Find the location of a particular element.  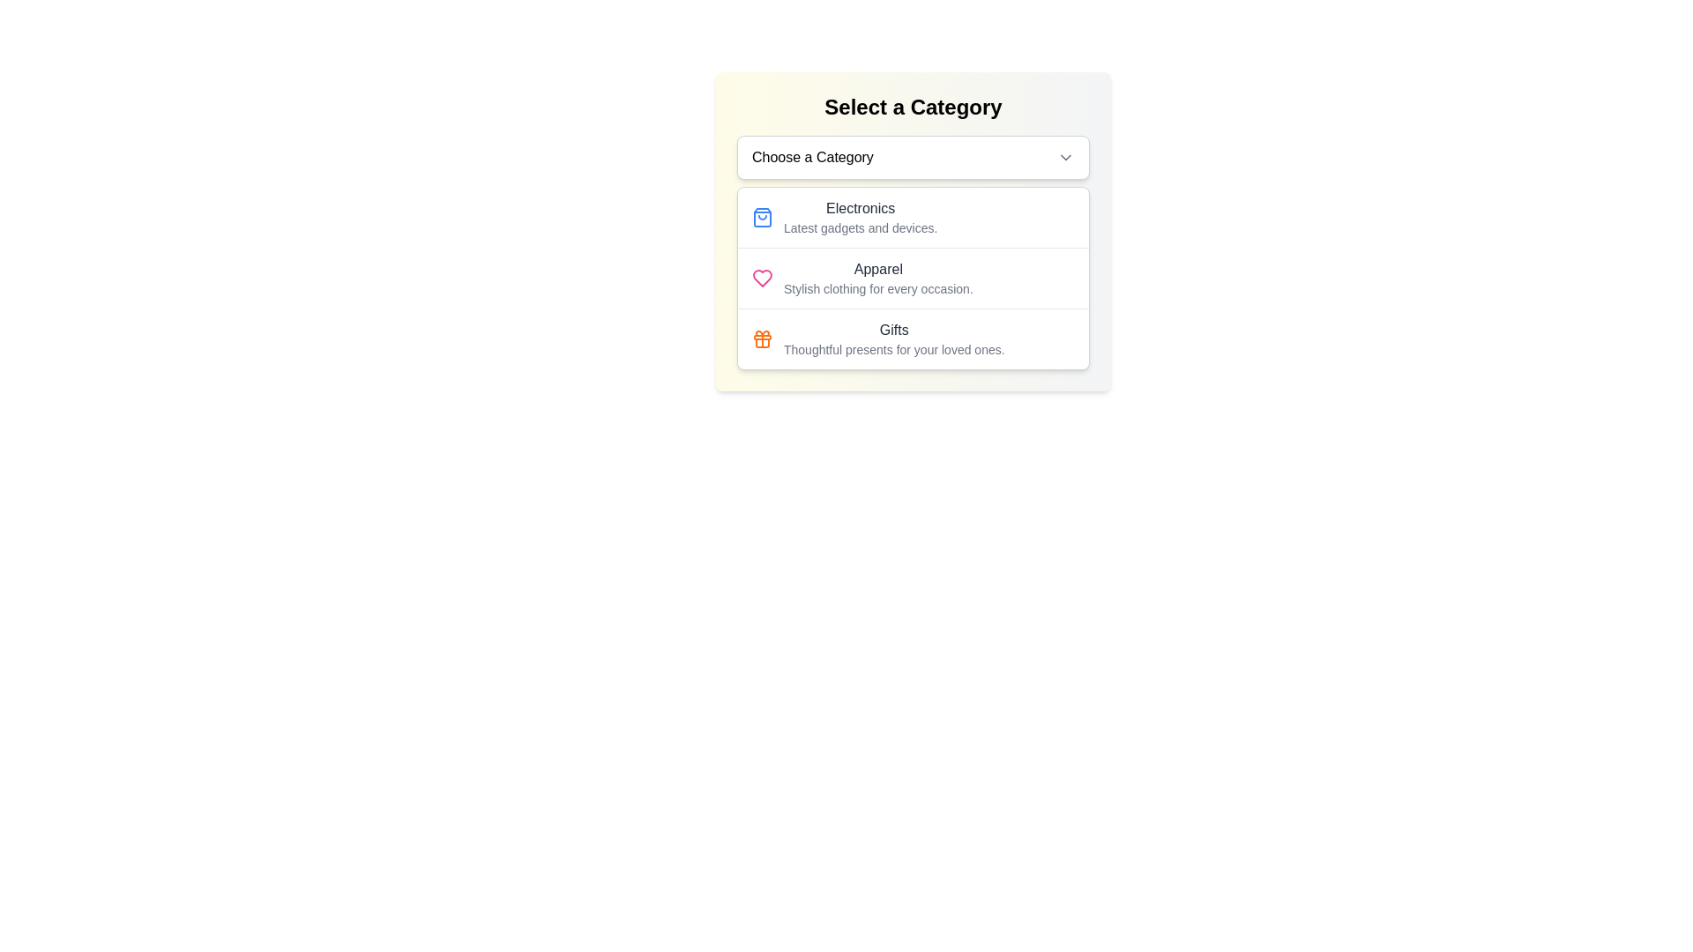

the Dropdown arrow icon within the 'Choose a Category' button to trigger tooltip or highlight effects is located at coordinates (1065, 156).